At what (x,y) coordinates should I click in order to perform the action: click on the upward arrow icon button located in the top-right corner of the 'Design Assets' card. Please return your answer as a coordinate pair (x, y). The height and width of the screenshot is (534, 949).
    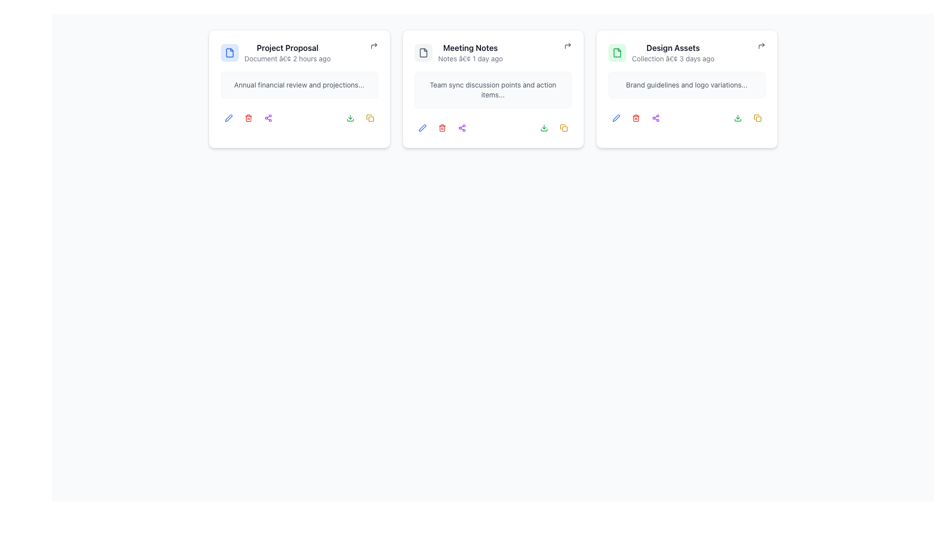
    Looking at the image, I should click on (761, 45).